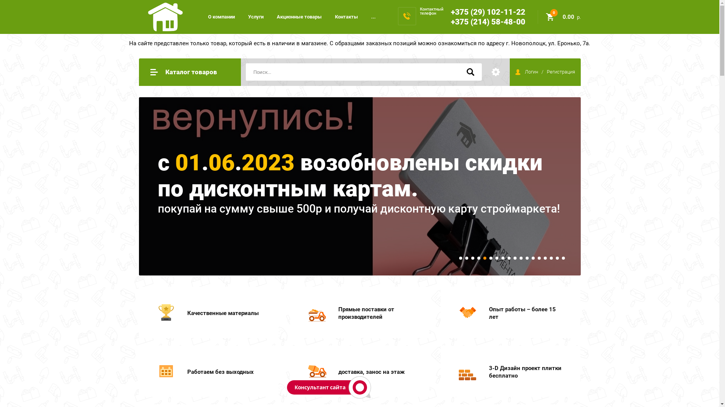  Describe the element at coordinates (484, 258) in the screenshot. I see `'5'` at that location.